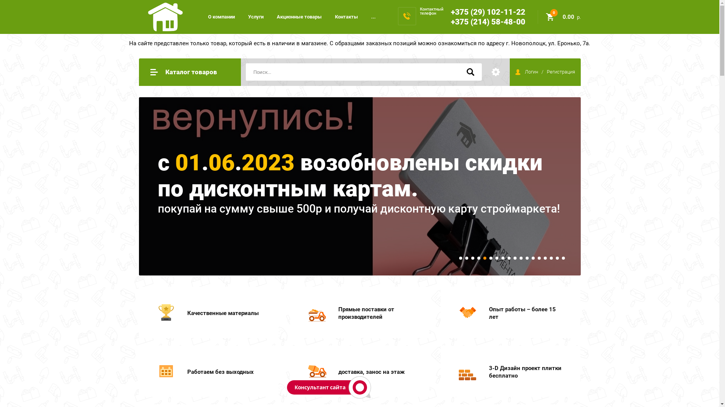  Describe the element at coordinates (484, 258) in the screenshot. I see `'5'` at that location.